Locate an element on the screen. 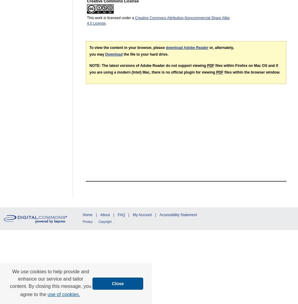 Image resolution: width=298 pixels, height=304 pixels. 'Download' is located at coordinates (114, 54).